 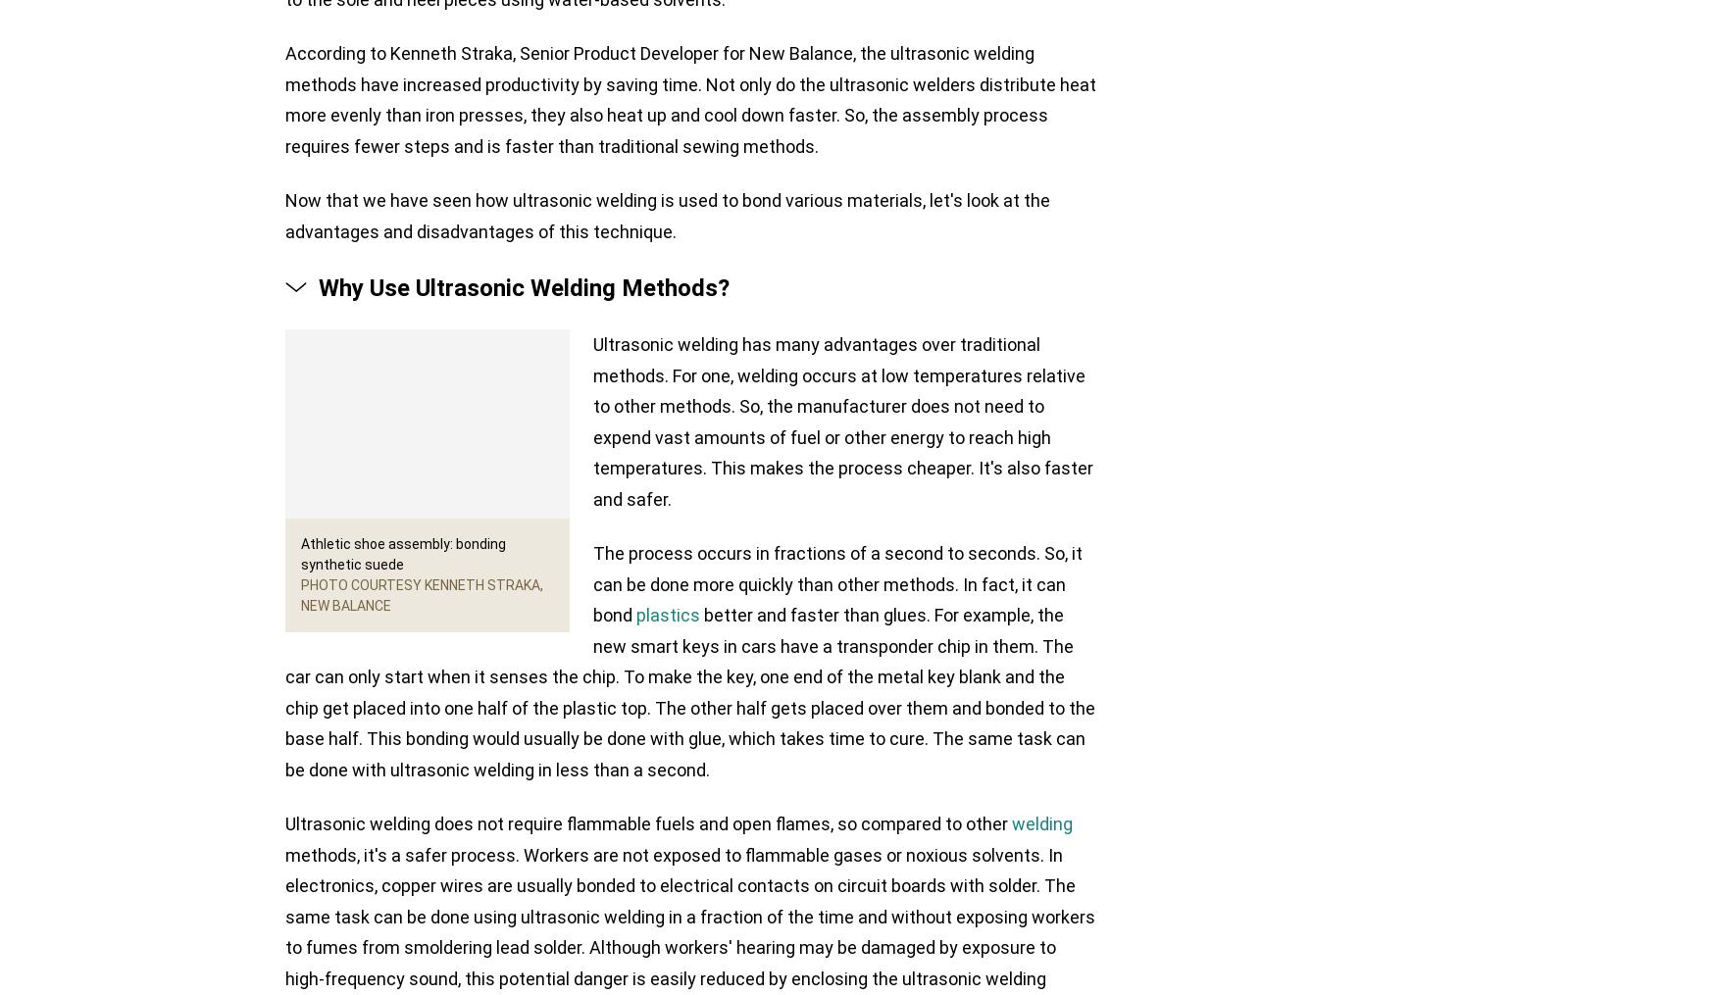 I want to click on 'Ultrasonic welding does not require flammable fuels and open flames, so compared to other', so click(x=647, y=823).